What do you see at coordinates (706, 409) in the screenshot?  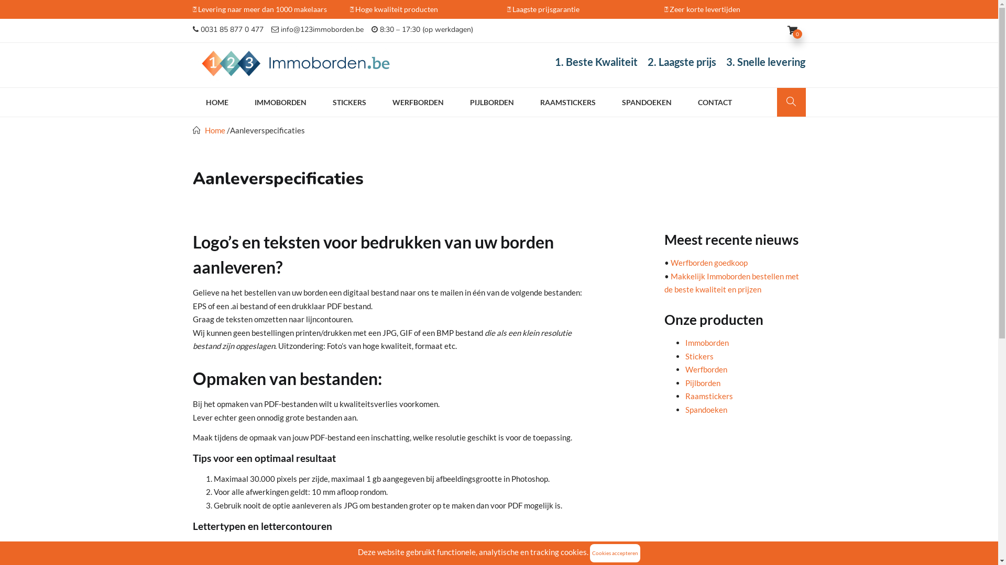 I see `'Spandoeken'` at bounding box center [706, 409].